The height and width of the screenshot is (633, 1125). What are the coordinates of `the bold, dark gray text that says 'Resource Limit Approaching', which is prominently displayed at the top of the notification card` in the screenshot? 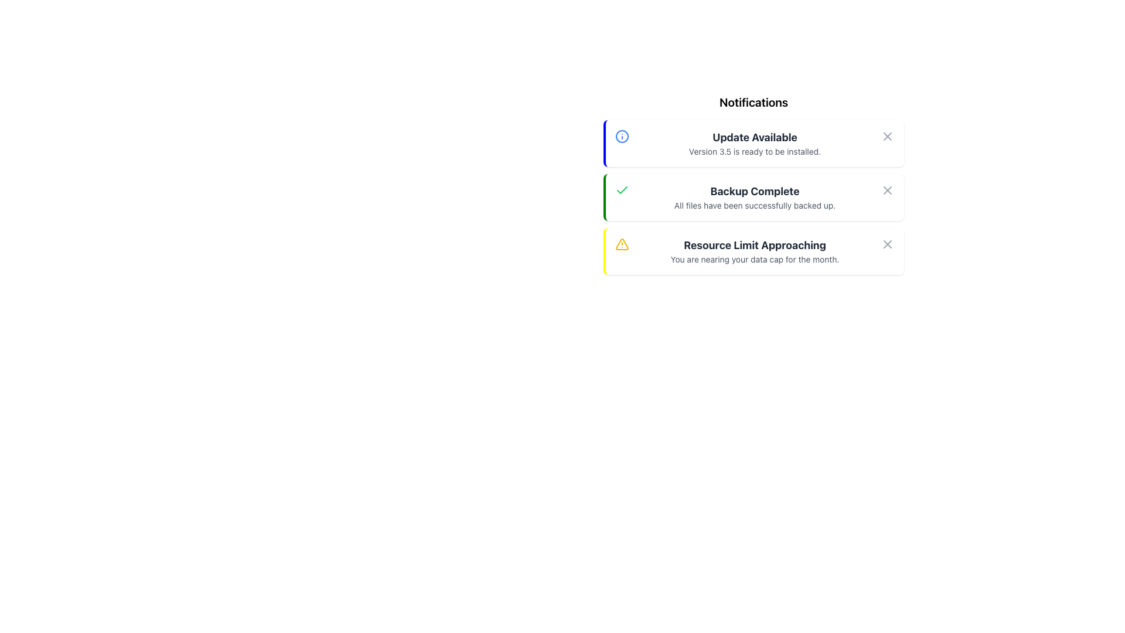 It's located at (755, 245).